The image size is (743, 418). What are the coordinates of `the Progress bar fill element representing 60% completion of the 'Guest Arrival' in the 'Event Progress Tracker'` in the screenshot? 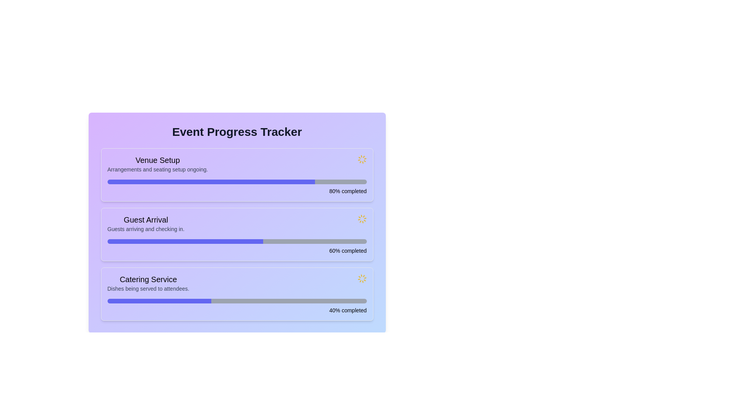 It's located at (185, 241).